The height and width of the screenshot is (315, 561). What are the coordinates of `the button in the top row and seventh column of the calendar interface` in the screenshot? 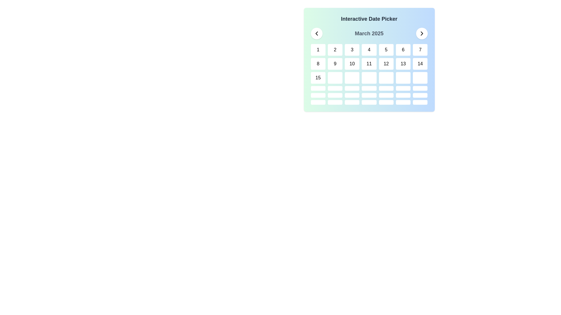 It's located at (420, 49).